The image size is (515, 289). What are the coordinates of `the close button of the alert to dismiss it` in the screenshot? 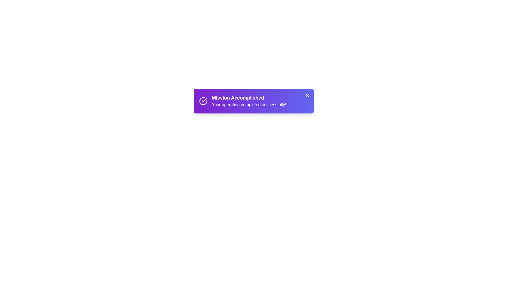 It's located at (307, 95).